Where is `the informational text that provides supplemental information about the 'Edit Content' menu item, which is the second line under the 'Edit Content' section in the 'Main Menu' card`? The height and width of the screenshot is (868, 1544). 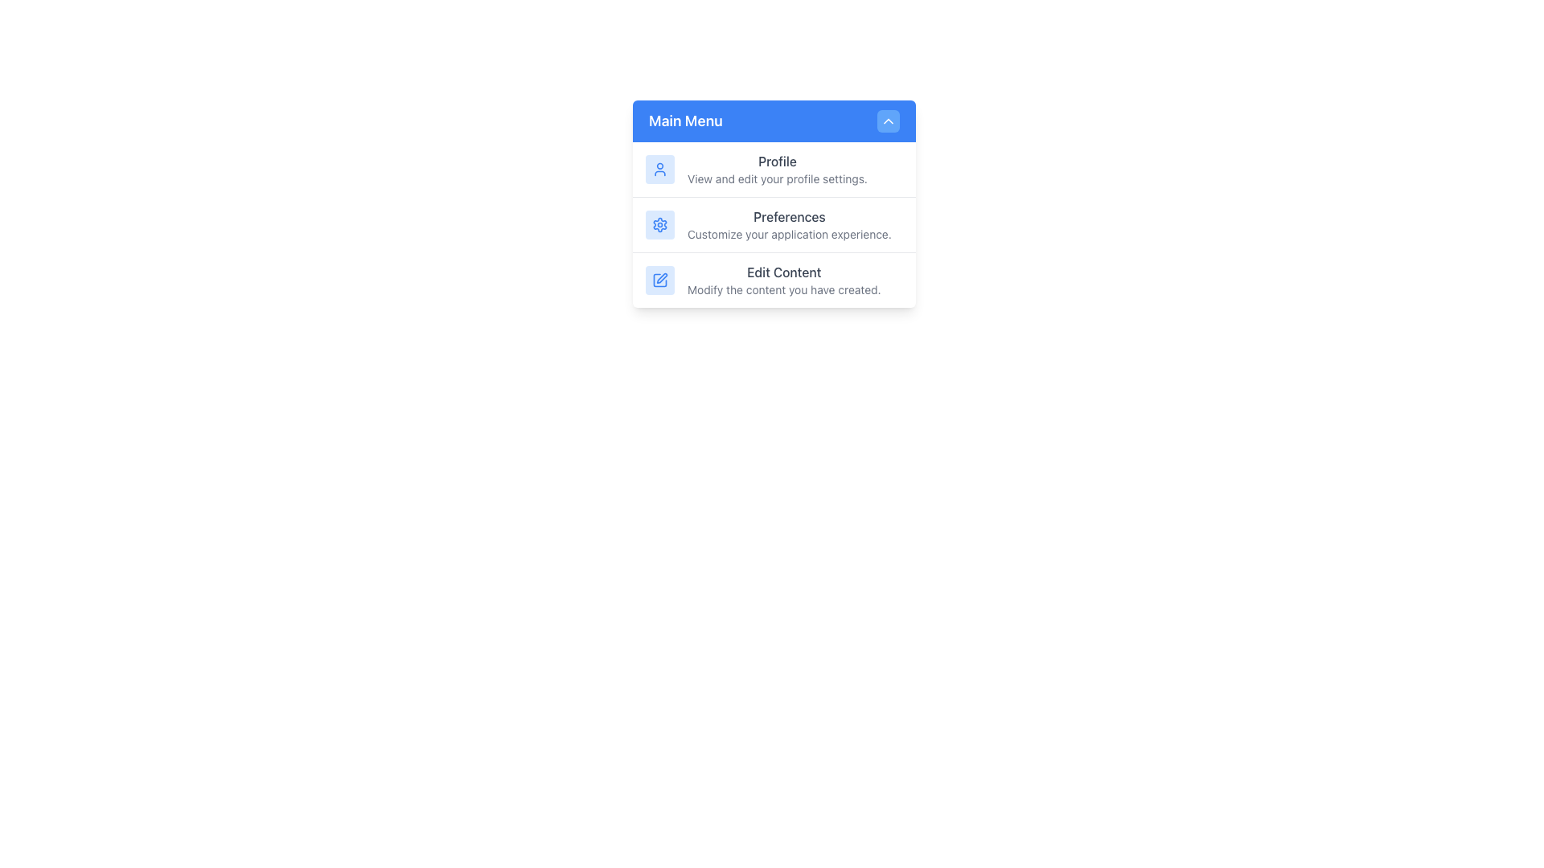 the informational text that provides supplemental information about the 'Edit Content' menu item, which is the second line under the 'Edit Content' section in the 'Main Menu' card is located at coordinates (784, 290).